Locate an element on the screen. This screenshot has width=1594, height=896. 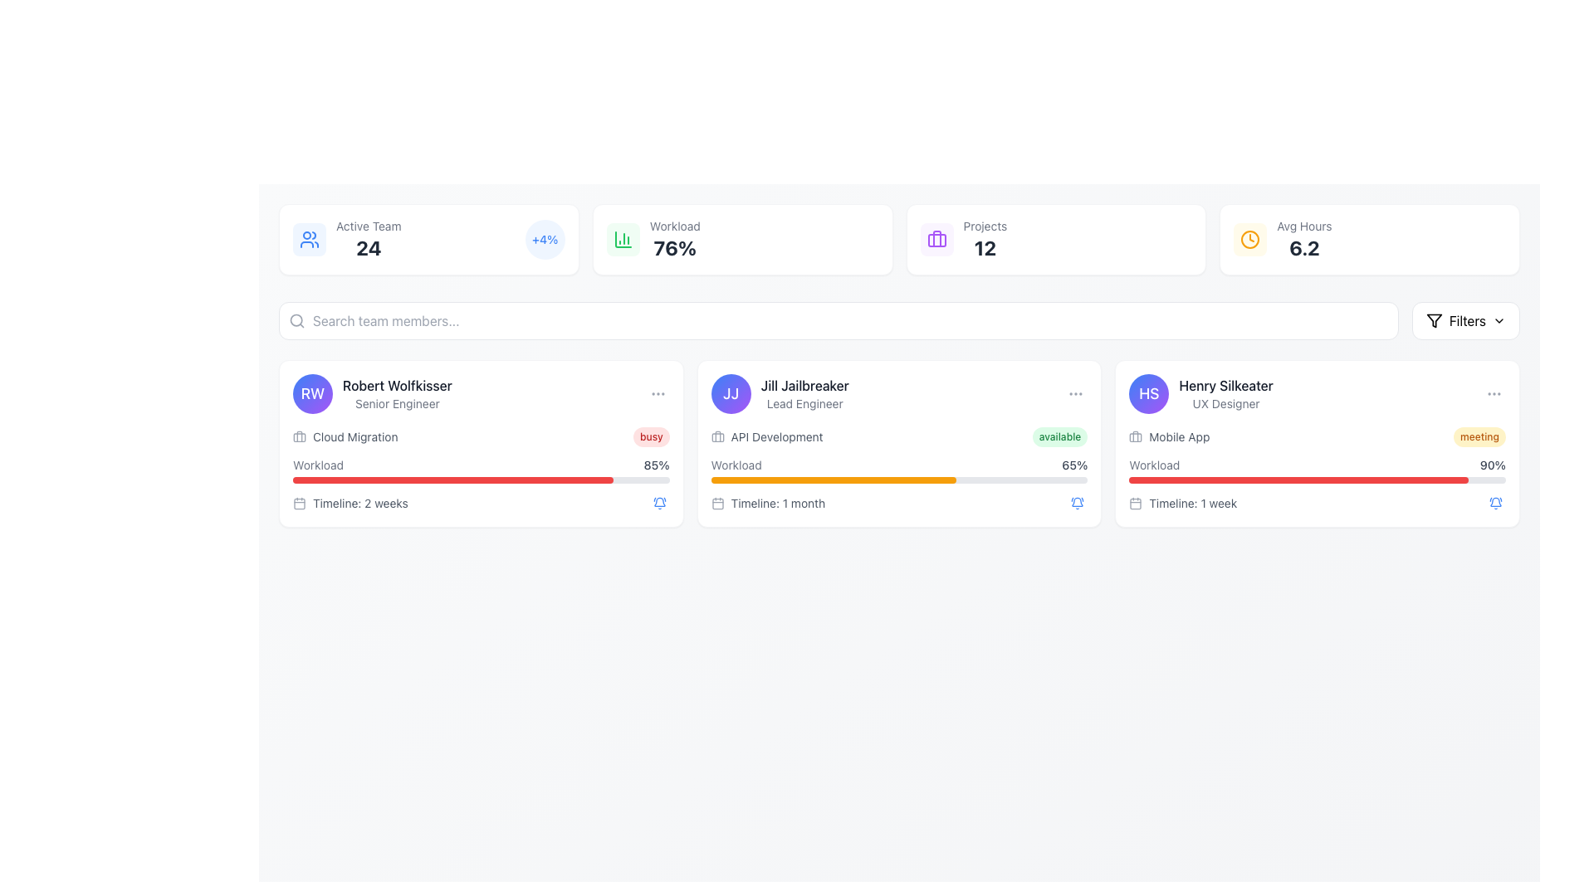
the Profile avatar representing 'Robert Wolfkisser' is located at coordinates (313, 393).